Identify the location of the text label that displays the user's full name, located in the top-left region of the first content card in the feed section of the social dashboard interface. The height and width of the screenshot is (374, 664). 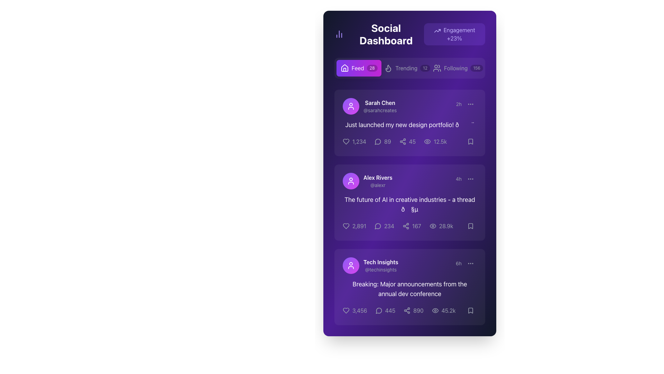
(380, 103).